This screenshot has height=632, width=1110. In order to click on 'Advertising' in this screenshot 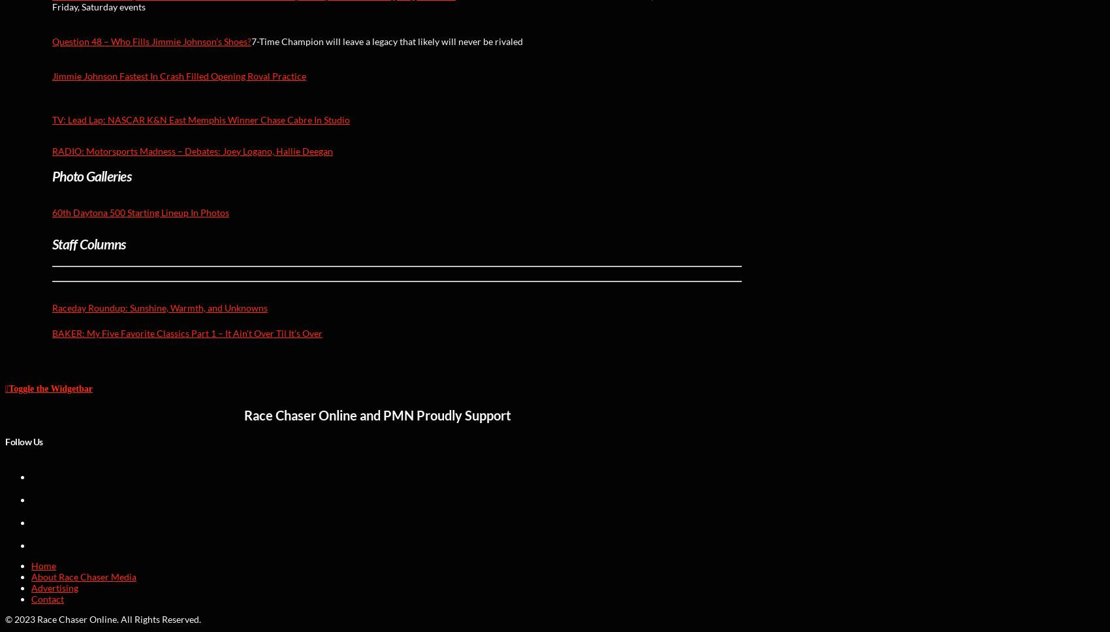, I will do `click(31, 587)`.